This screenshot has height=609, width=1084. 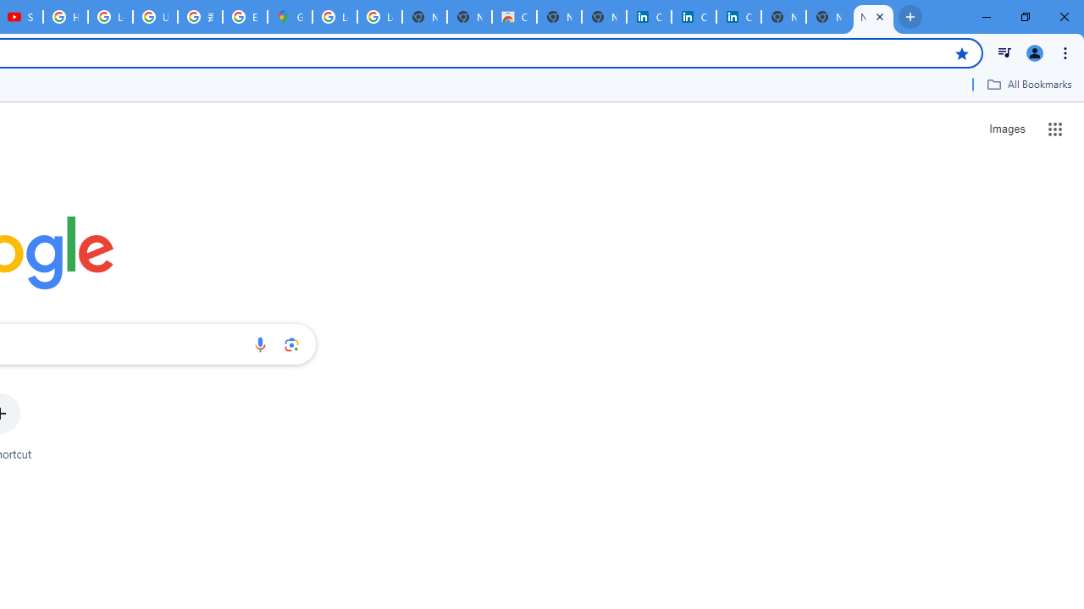 I want to click on 'Google Maps', so click(x=290, y=17).